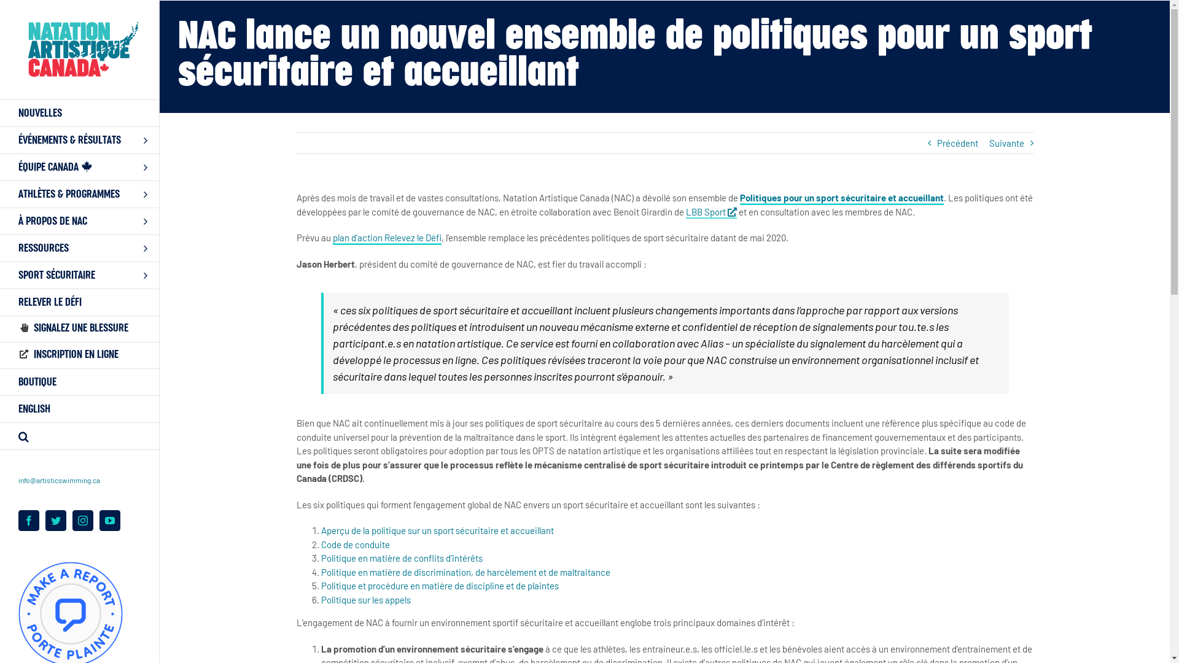  Describe the element at coordinates (79, 409) in the screenshot. I see `'ENGLISH'` at that location.